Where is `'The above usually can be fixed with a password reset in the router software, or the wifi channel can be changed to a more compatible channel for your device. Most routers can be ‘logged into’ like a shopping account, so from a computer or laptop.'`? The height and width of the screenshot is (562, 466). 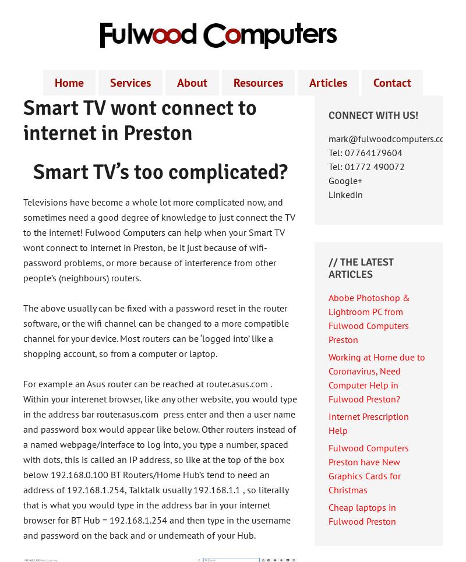
'The above usually can be fixed with a password reset in the router software, or the wifi channel can be changed to a more compatible channel for your device. Most routers can be ‘logged into’ like a shopping account, so from a computer or laptop.' is located at coordinates (156, 330).